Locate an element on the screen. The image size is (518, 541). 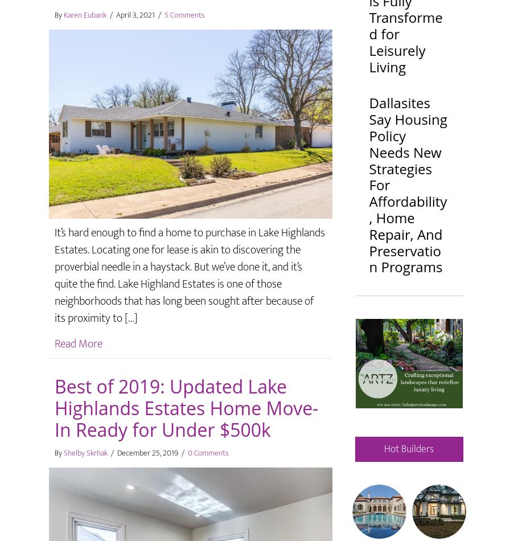
'Hot Builders' is located at coordinates (408, 448).